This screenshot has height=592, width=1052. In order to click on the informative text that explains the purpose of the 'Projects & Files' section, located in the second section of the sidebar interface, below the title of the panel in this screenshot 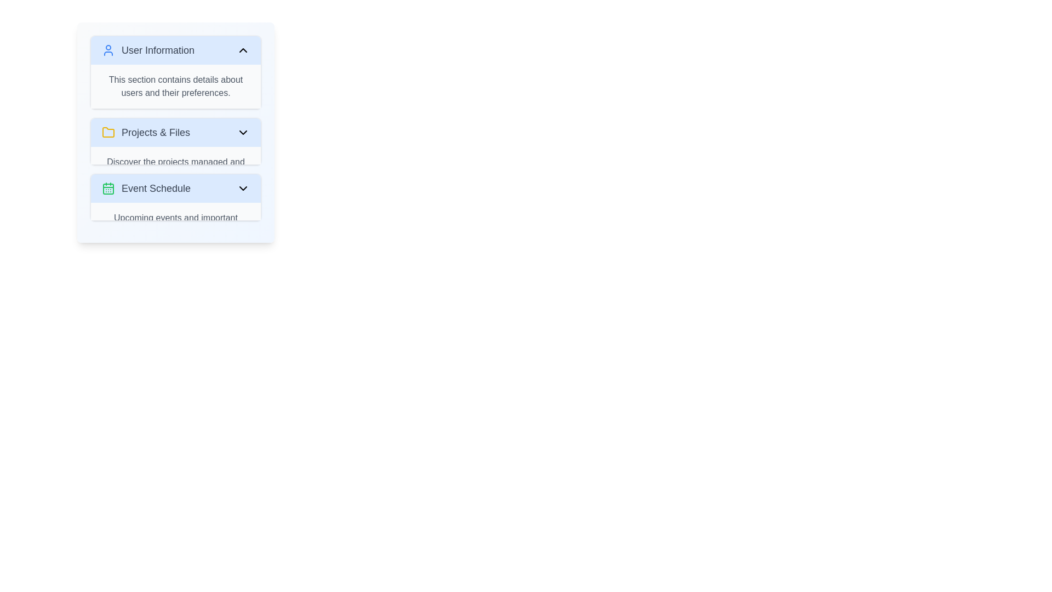, I will do `click(176, 156)`.